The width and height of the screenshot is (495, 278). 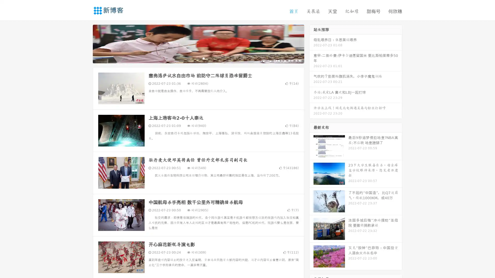 I want to click on Go to slide 1, so click(x=193, y=58).